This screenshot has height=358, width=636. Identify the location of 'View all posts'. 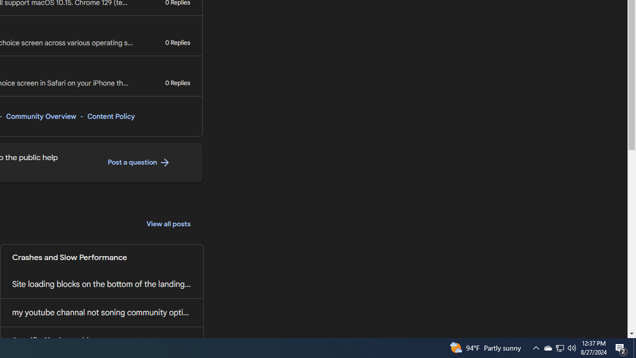
(168, 224).